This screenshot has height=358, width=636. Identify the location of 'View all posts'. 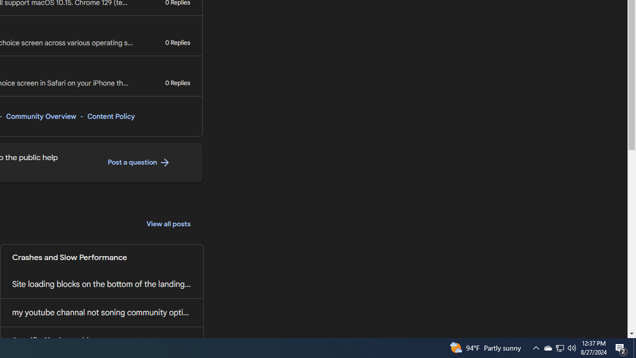
(168, 224).